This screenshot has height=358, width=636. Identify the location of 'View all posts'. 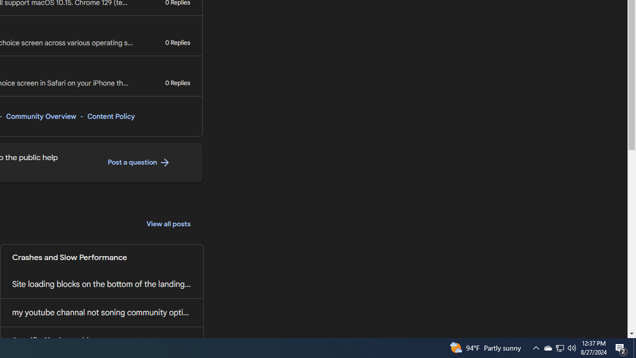
(168, 224).